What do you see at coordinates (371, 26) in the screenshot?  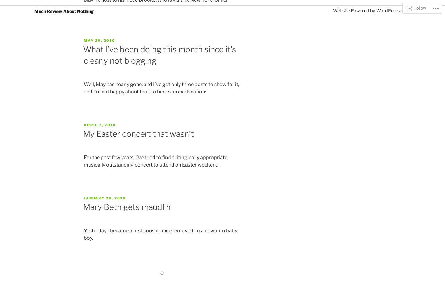 I see `'Website Powered by WordPress.com'` at bounding box center [371, 26].